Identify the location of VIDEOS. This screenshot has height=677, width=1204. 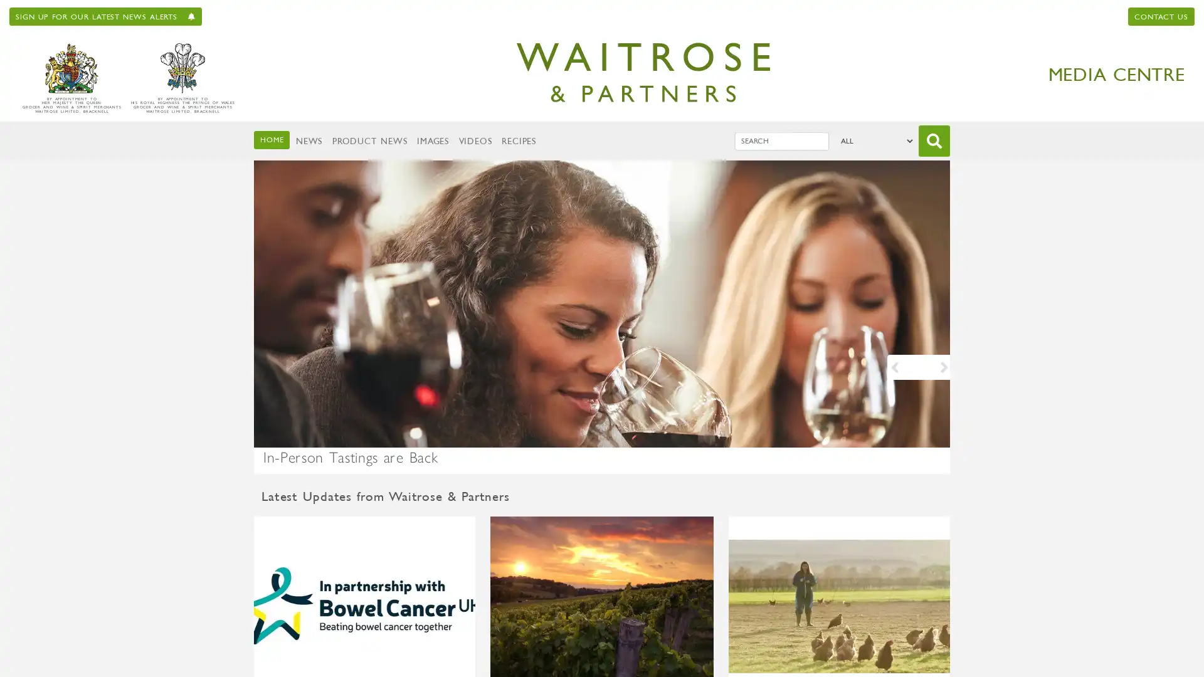
(474, 140).